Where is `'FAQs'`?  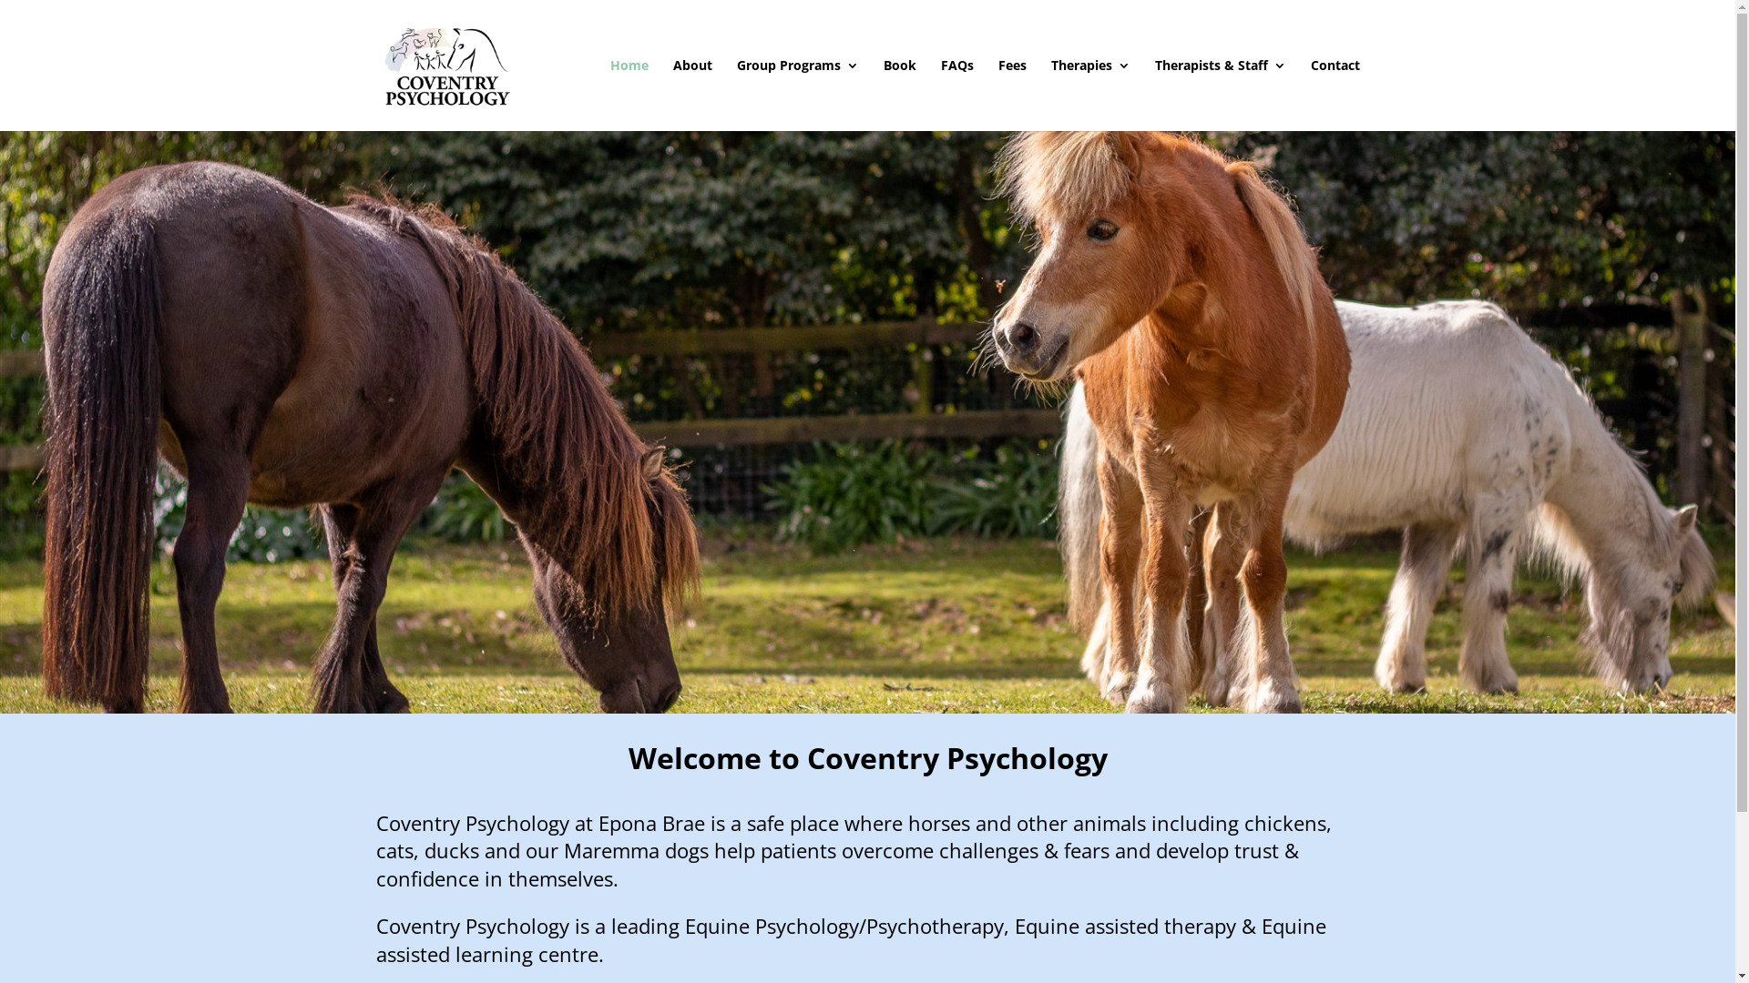 'FAQs' is located at coordinates (956, 95).